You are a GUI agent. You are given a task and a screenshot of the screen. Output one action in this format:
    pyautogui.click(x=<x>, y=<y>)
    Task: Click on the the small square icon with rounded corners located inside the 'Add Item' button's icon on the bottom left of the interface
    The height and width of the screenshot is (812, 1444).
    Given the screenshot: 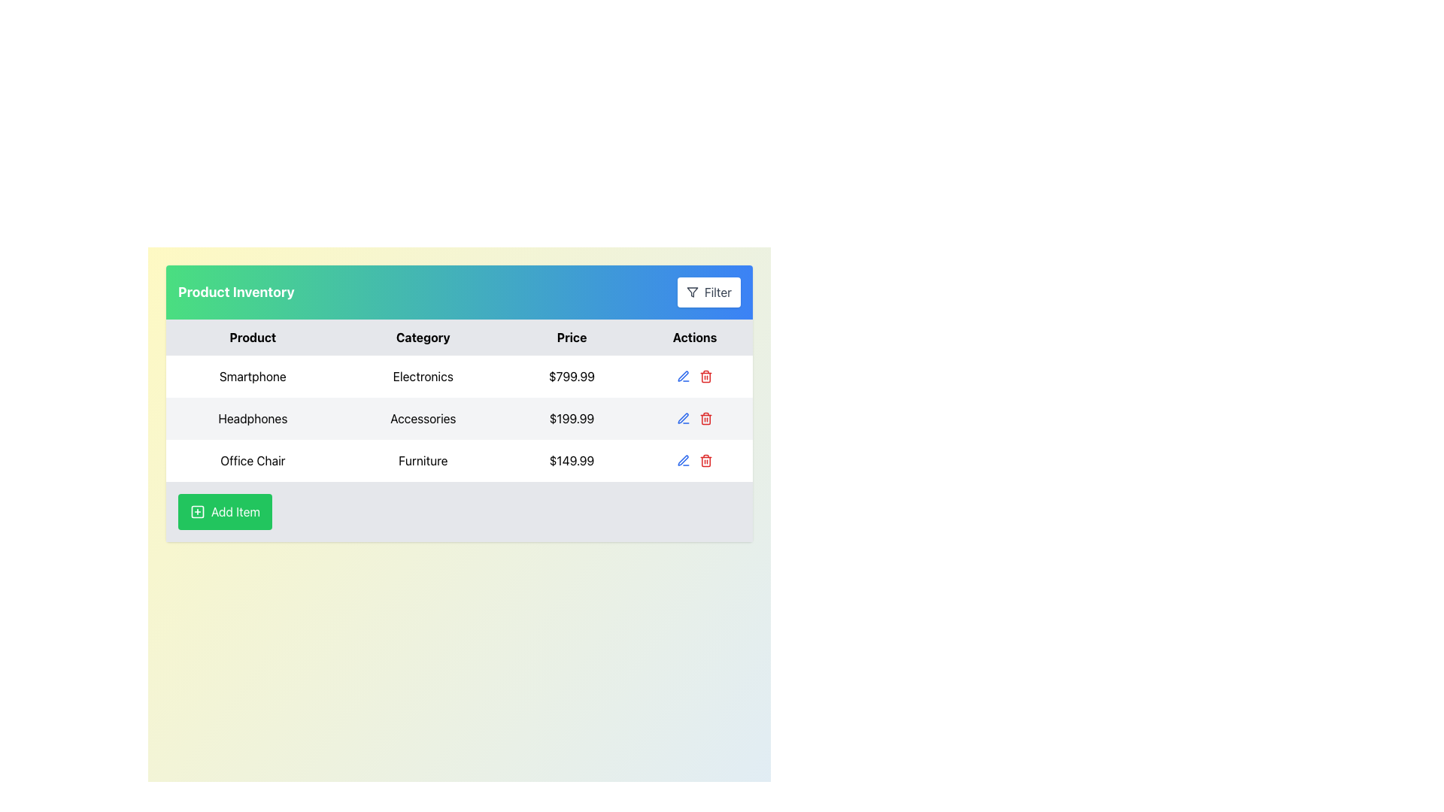 What is the action you would take?
    pyautogui.click(x=197, y=511)
    